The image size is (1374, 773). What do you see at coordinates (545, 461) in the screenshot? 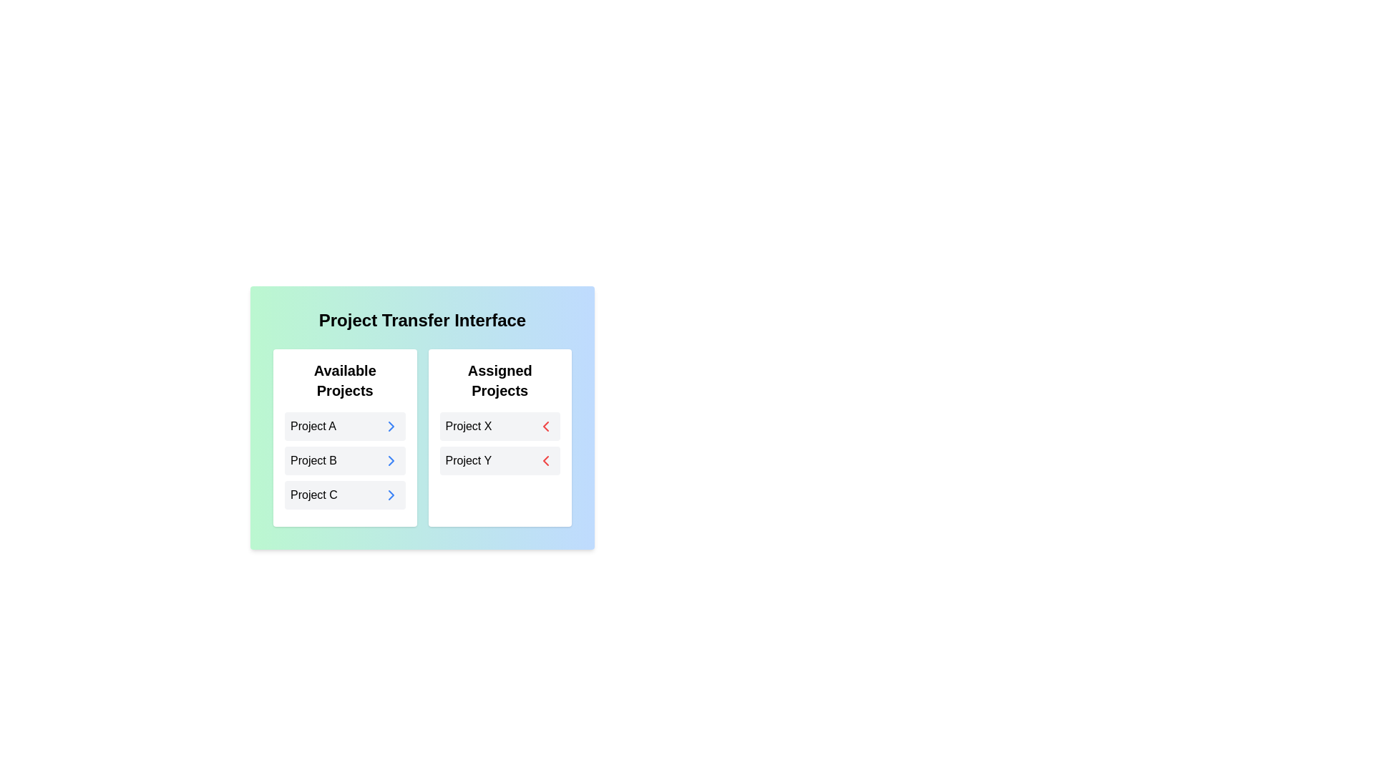
I see `the leftward chevron arrow icon adjacent to 'Project X' in the 'Assigned Projects' column` at bounding box center [545, 461].